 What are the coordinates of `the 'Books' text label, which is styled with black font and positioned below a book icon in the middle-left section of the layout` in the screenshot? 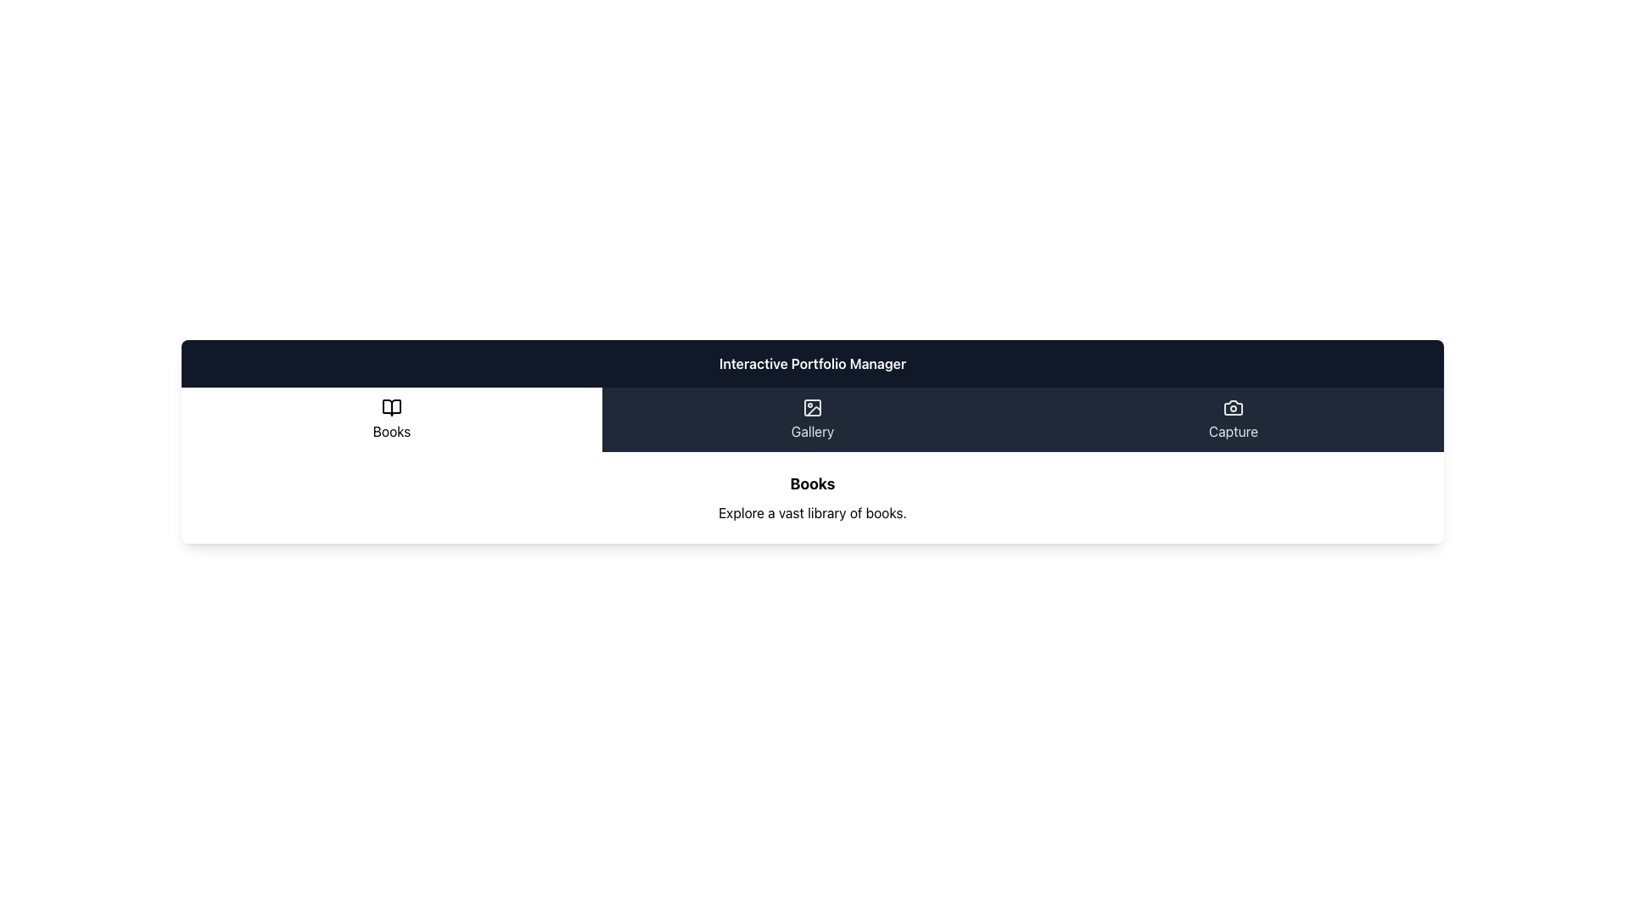 It's located at (390, 431).